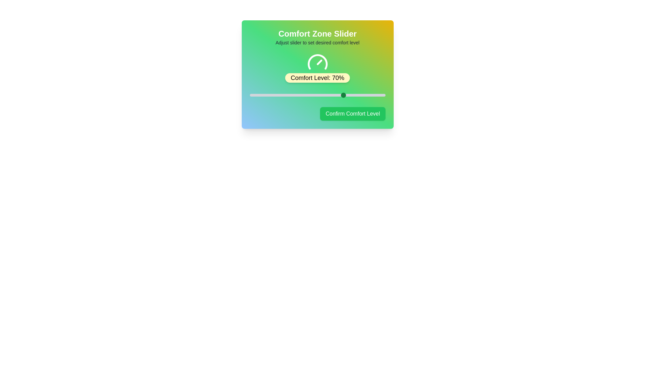 This screenshot has width=651, height=366. Describe the element at coordinates (268, 95) in the screenshot. I see `the slider to set the comfort level to 14` at that location.